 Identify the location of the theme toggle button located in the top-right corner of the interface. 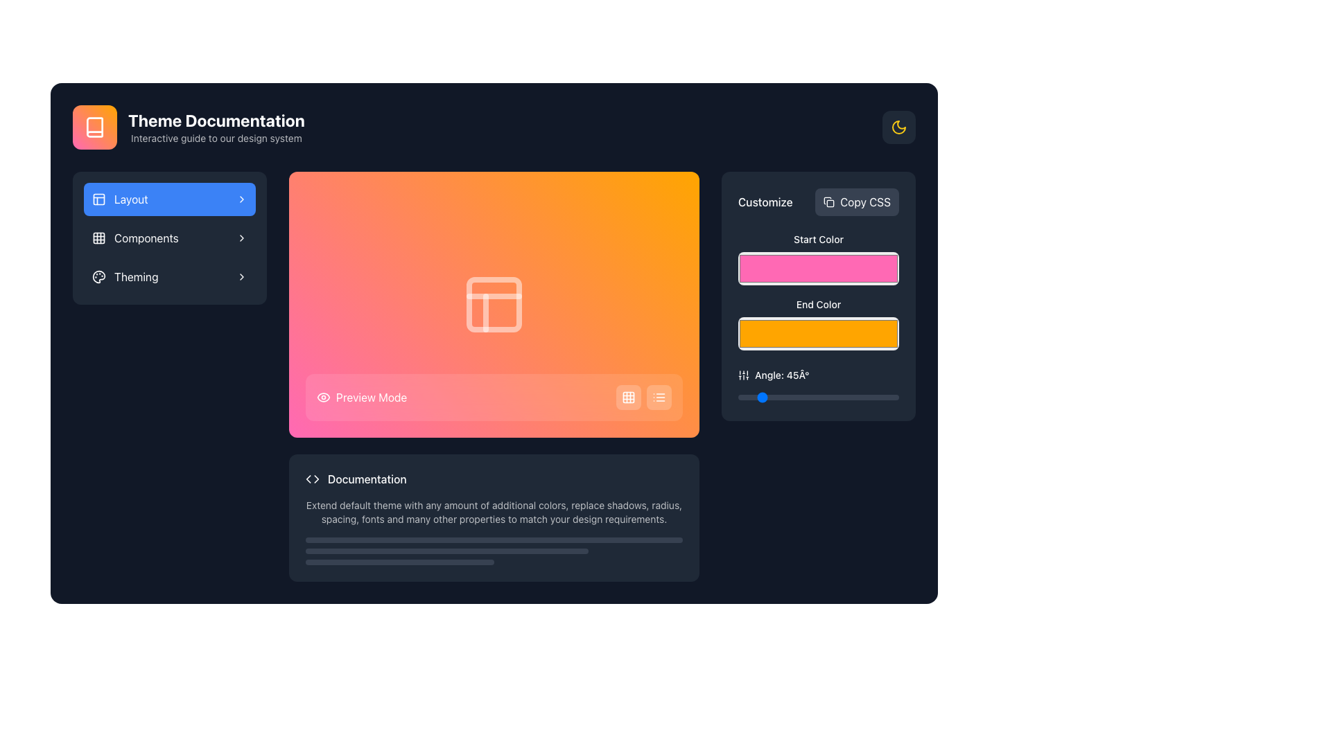
(898, 127).